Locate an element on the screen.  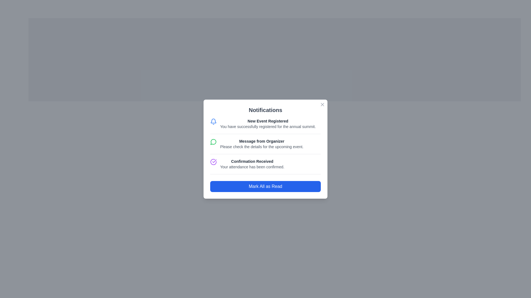
the button at the bottom of the notification modal dialog to mark all notifications as read is located at coordinates (265, 186).